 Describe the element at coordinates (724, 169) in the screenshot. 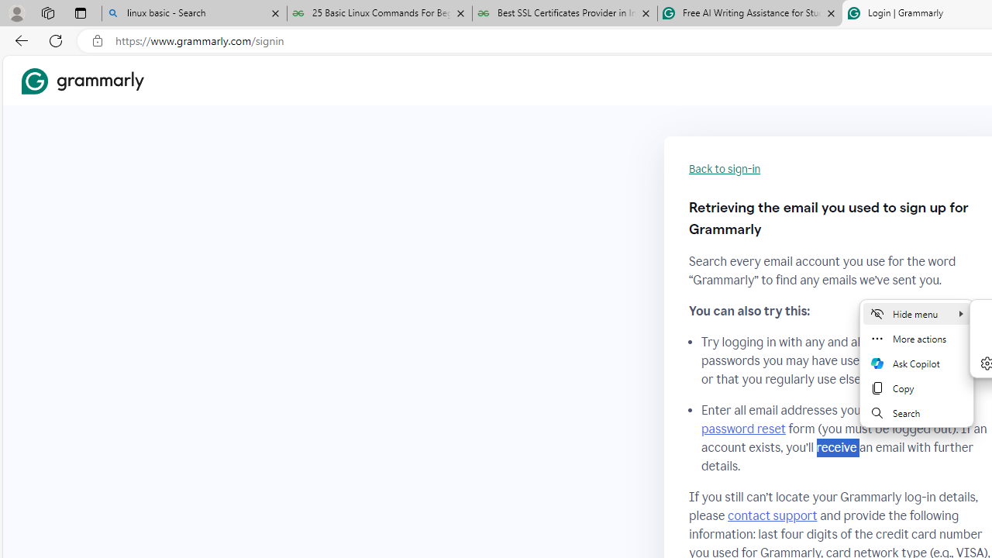

I see `'Back to sign-in'` at that location.